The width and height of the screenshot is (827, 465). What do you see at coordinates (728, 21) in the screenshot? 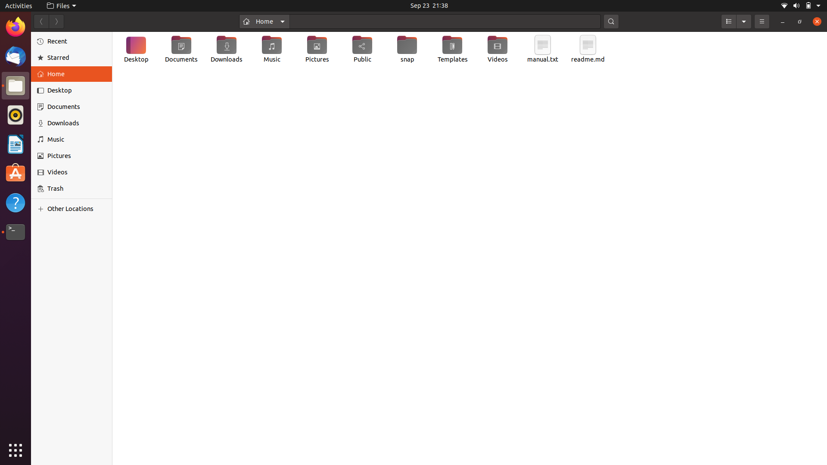
I see `Switch to the "List View` at bounding box center [728, 21].